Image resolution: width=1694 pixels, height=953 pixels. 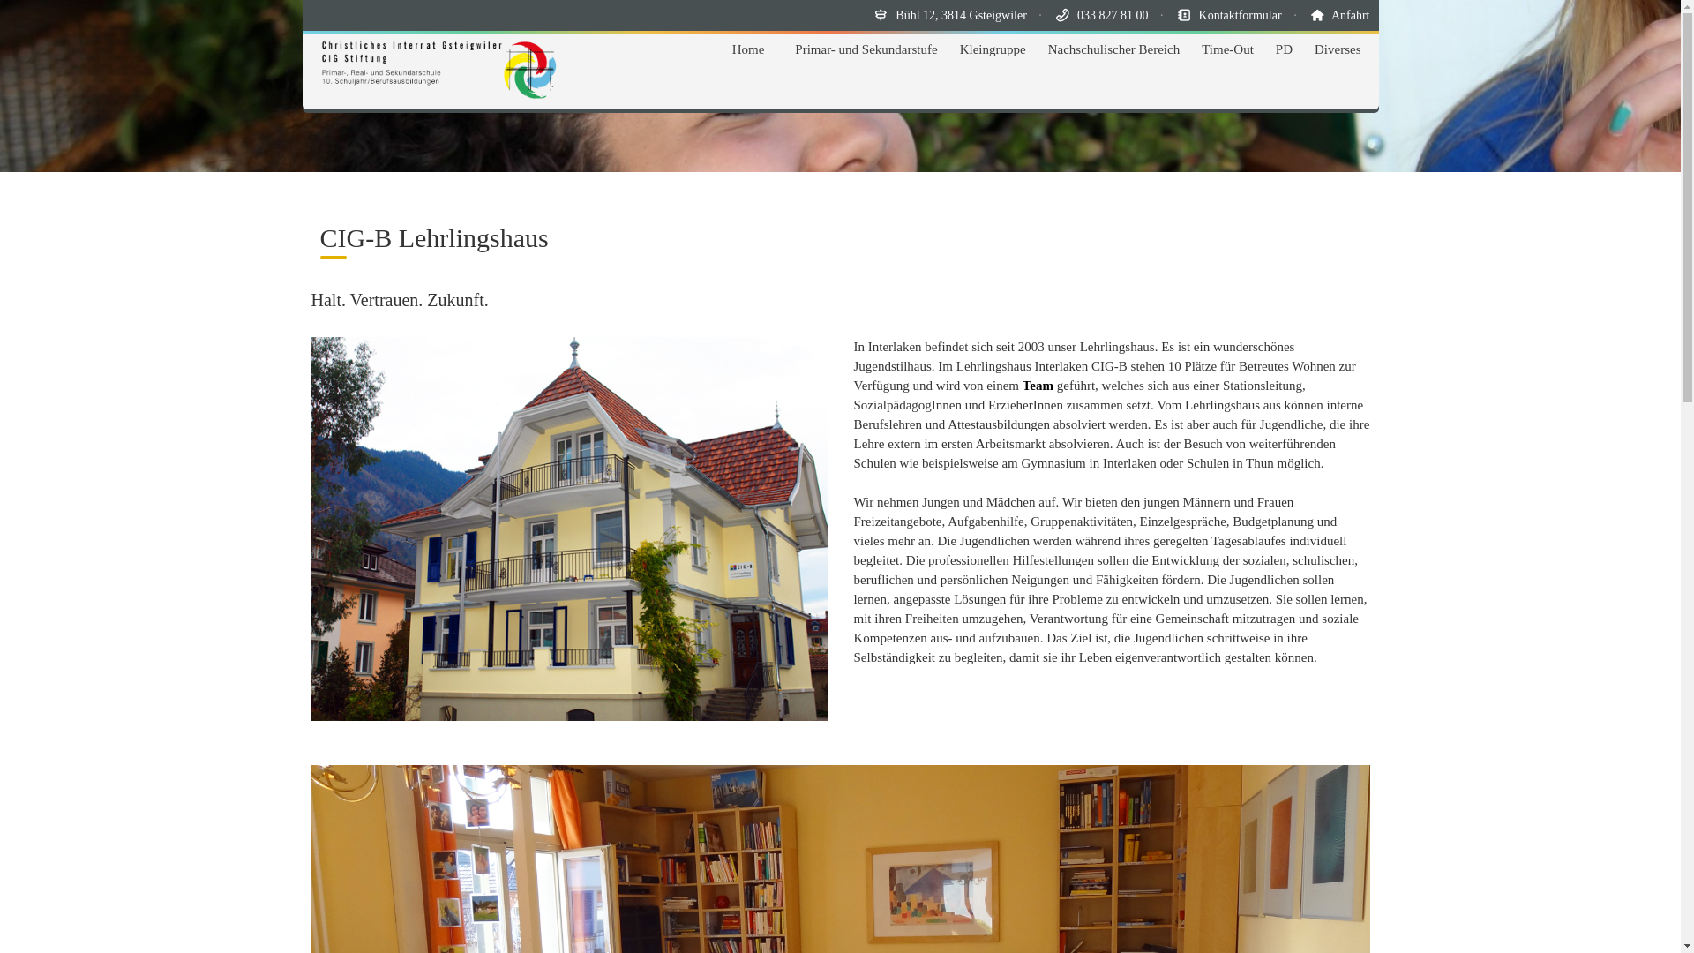 I want to click on 'Kontaktformular', so click(x=1240, y=15).